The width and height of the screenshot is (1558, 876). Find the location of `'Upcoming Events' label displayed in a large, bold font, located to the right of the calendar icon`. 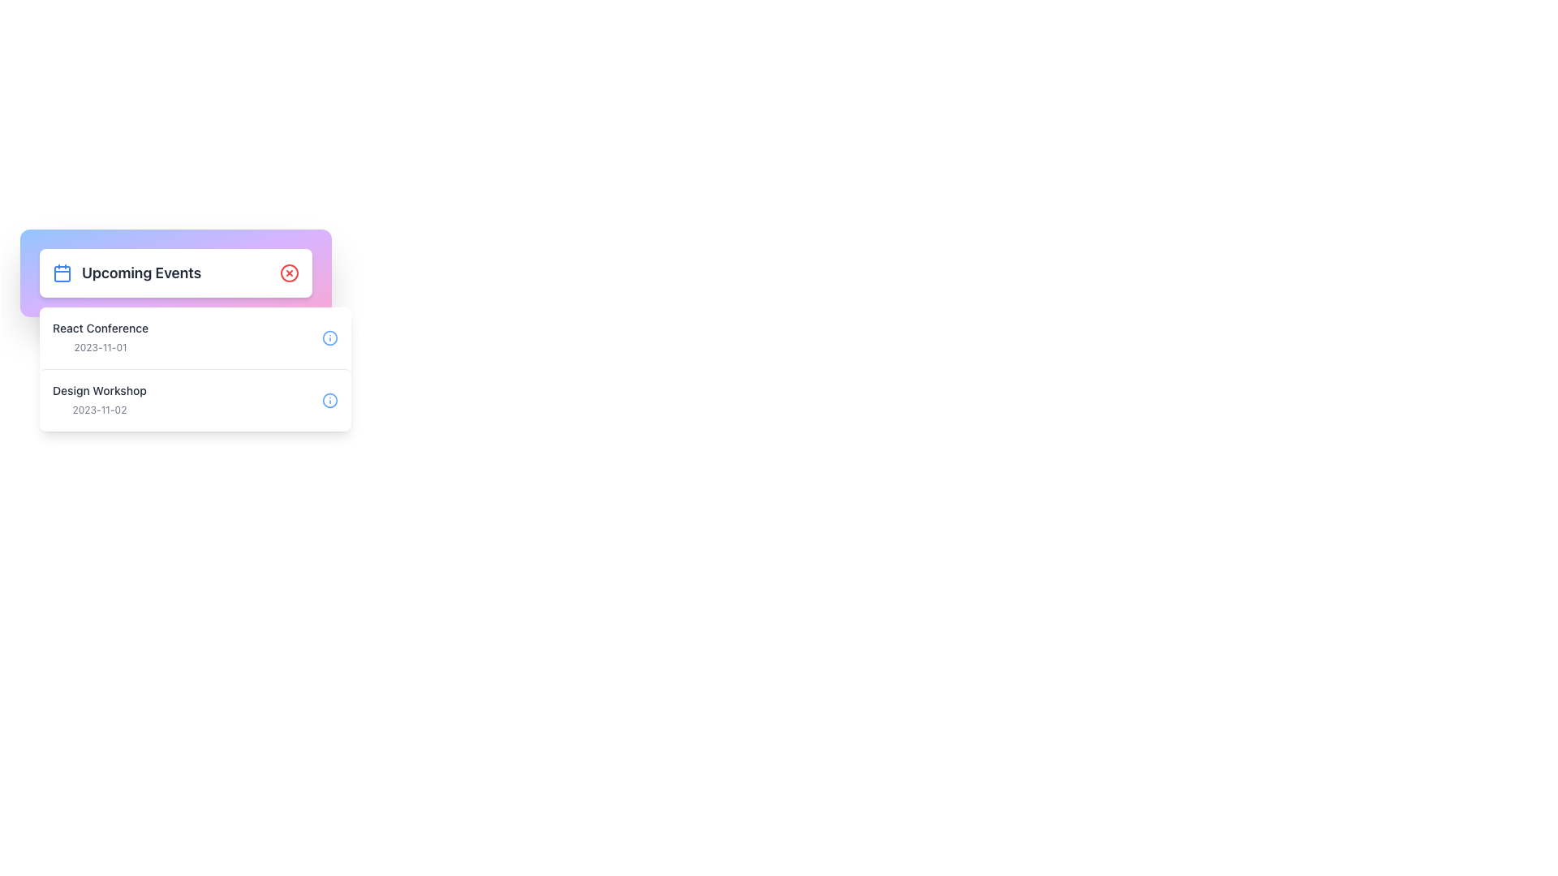

'Upcoming Events' label displayed in a large, bold font, located to the right of the calendar icon is located at coordinates (141, 272).